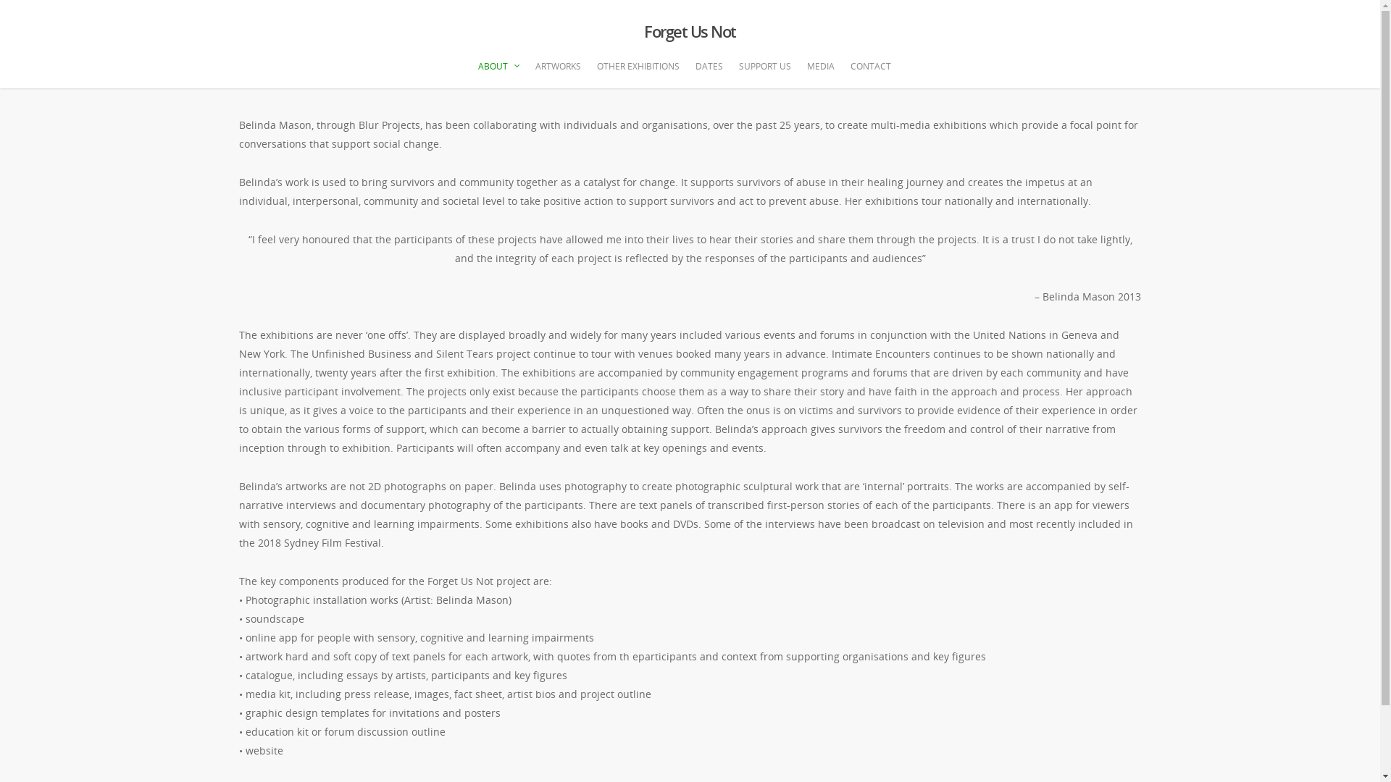 This screenshot has width=1391, height=782. What do you see at coordinates (470, 73) in the screenshot?
I see `'ABOUT'` at bounding box center [470, 73].